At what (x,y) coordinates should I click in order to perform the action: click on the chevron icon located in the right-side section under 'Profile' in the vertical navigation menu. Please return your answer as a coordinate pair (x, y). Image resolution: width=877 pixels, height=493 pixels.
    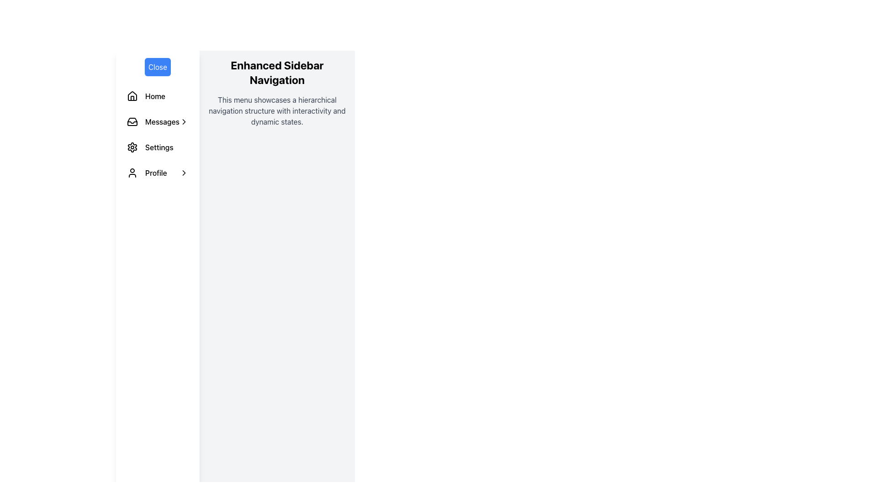
    Looking at the image, I should click on (183, 173).